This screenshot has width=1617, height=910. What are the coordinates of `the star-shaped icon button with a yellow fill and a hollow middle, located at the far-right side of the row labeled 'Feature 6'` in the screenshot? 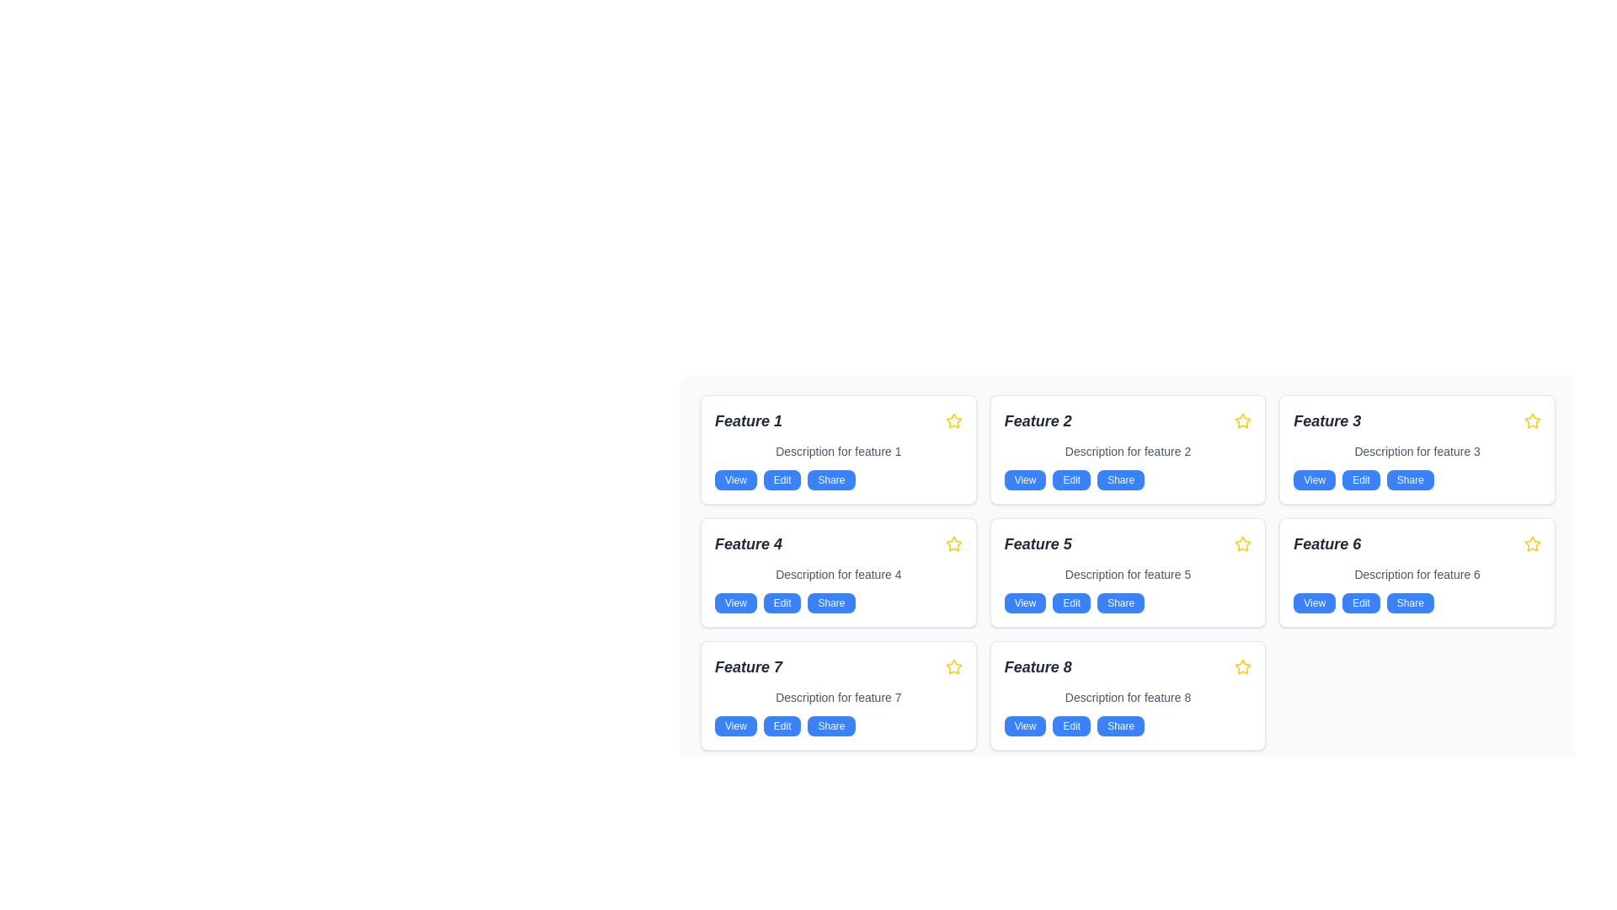 It's located at (1532, 543).